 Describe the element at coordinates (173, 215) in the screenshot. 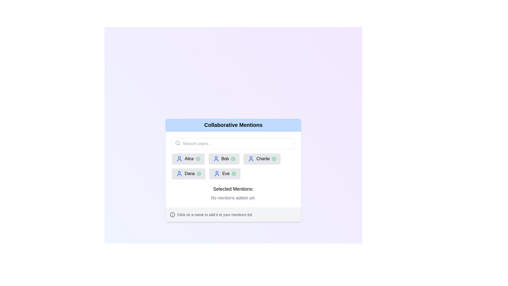

I see `the innermost circular part of the icon graphic located at the bottom left of the interface, which has a visible ring-like structure and thin stroke` at that location.